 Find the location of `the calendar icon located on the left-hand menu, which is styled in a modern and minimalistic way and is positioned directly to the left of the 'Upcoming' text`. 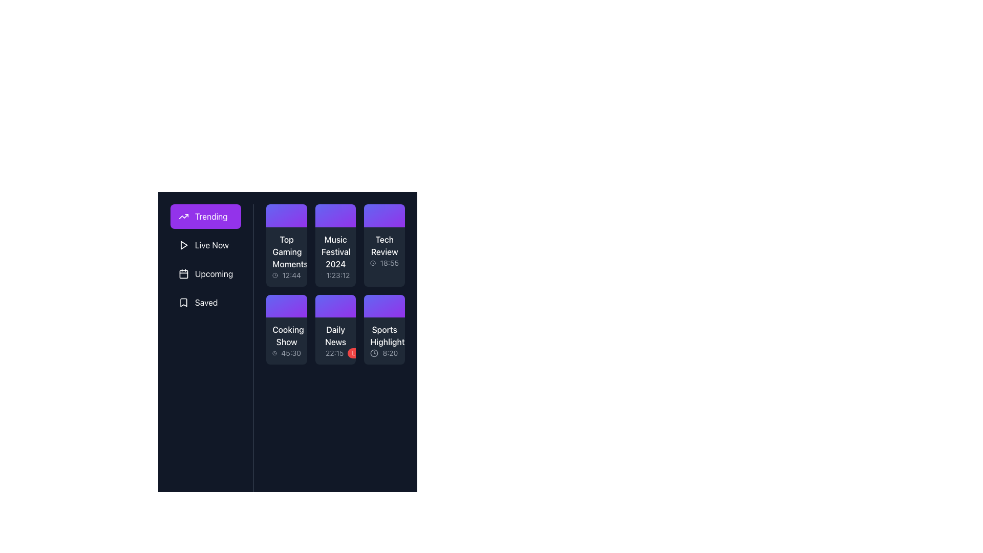

the calendar icon located on the left-hand menu, which is styled in a modern and minimalistic way and is positioned directly to the left of the 'Upcoming' text is located at coordinates (184, 273).